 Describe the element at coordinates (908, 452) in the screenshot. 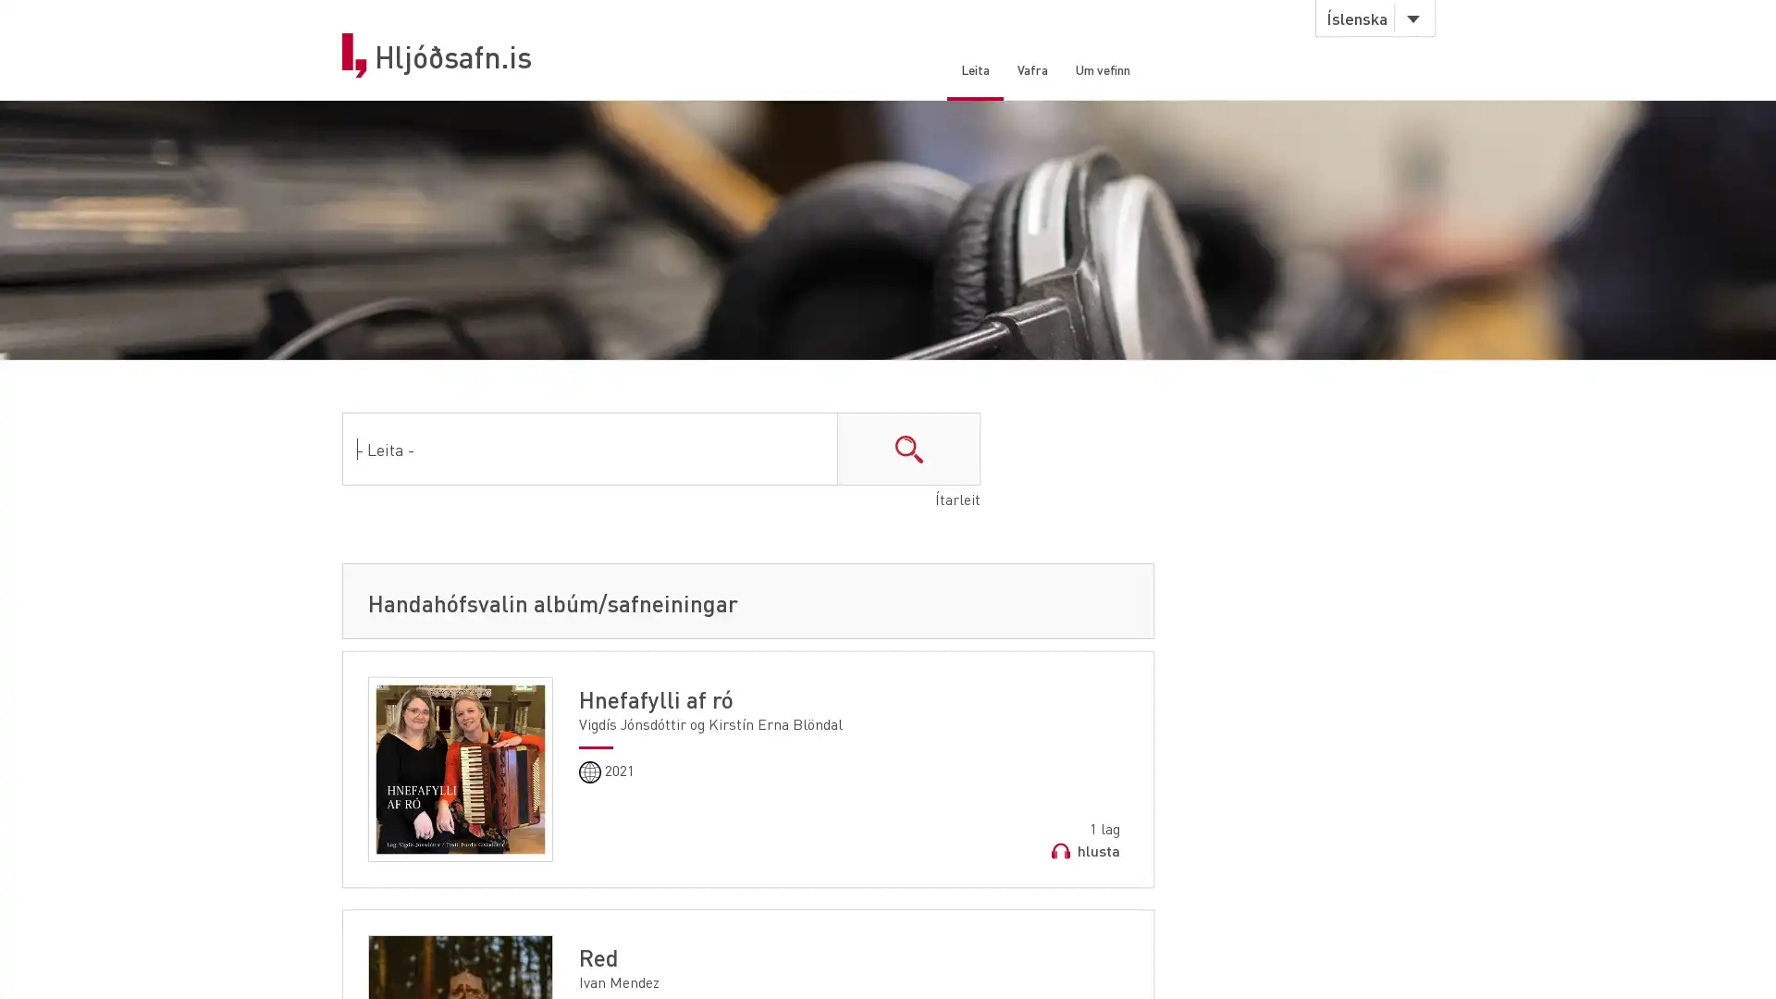

I see `search` at that location.